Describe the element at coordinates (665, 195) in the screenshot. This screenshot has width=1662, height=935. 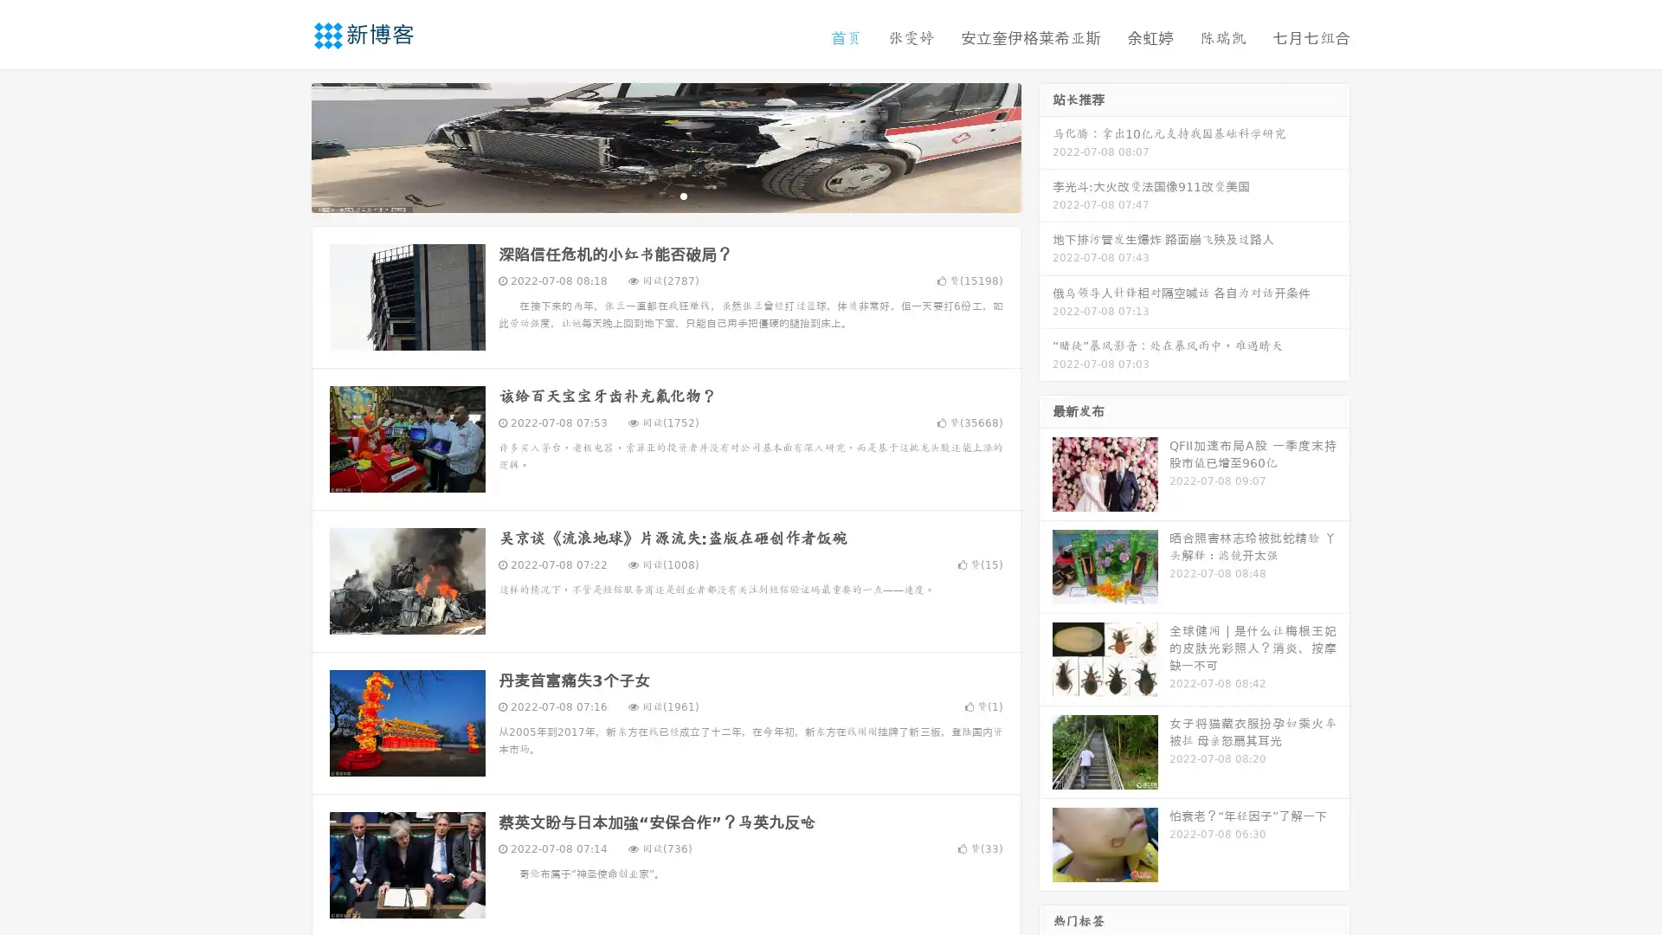
I see `Go to slide 2` at that location.